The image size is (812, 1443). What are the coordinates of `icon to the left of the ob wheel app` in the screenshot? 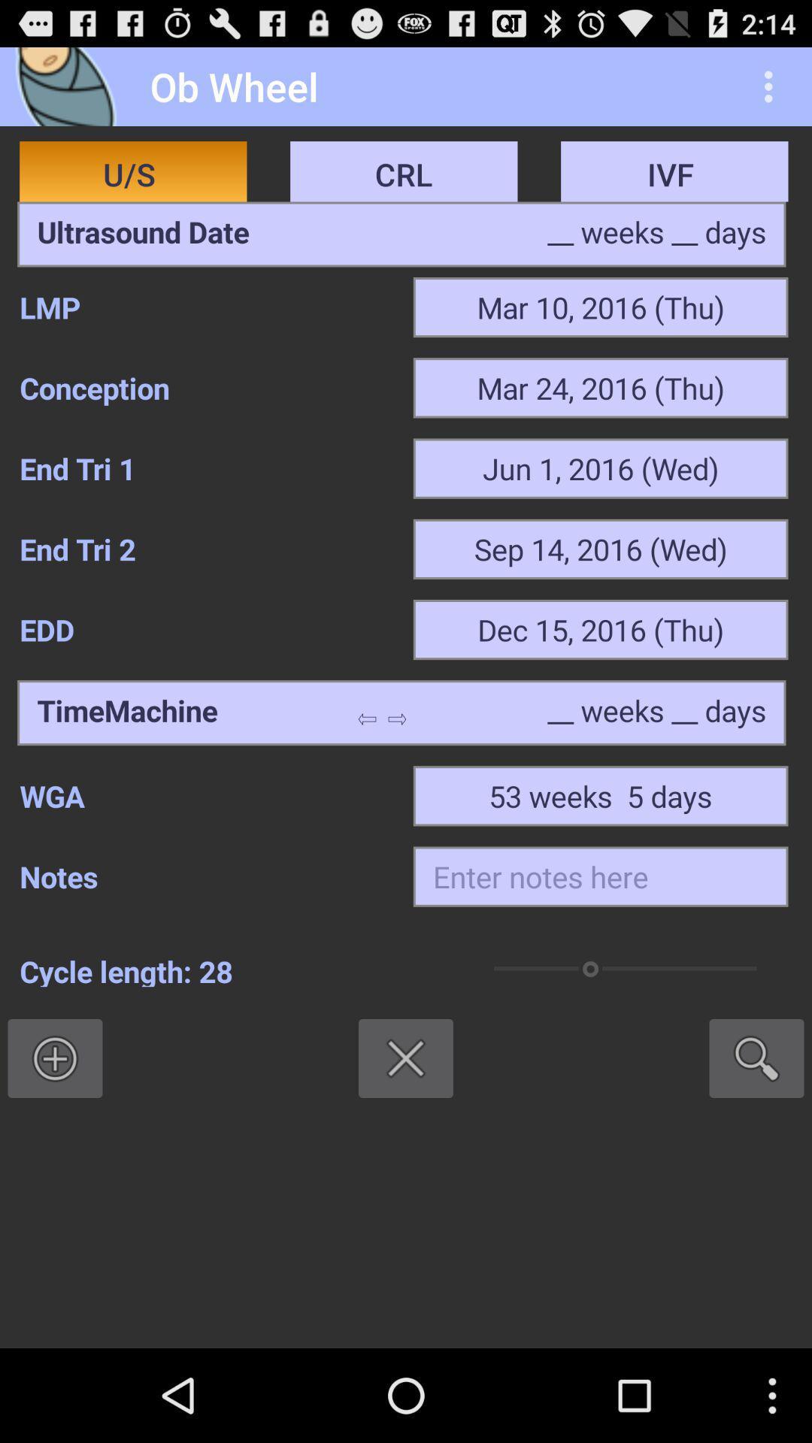 It's located at (71, 86).